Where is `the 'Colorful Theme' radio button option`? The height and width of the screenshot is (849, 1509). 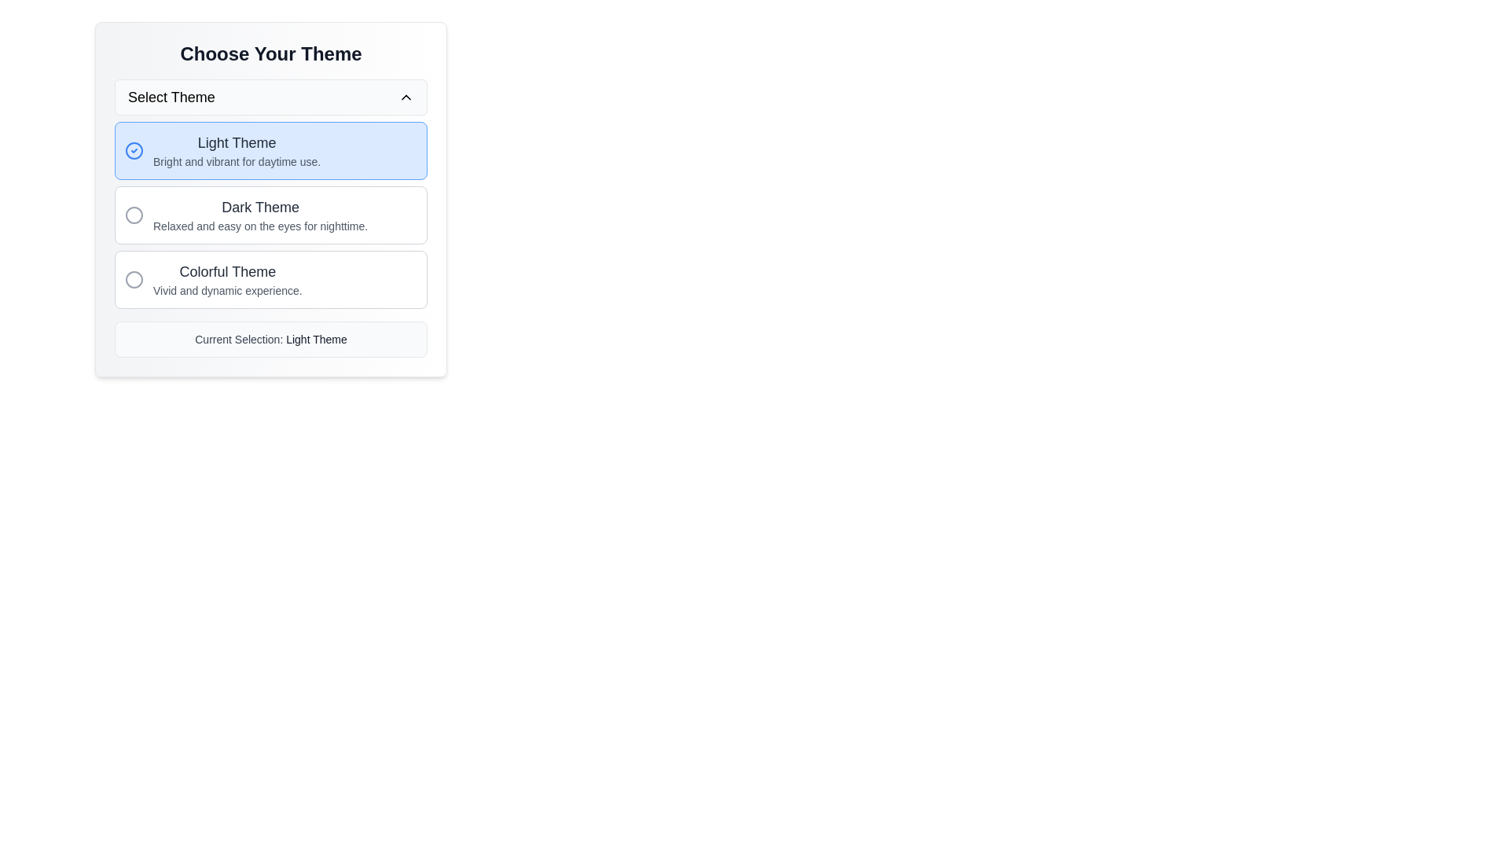
the 'Colorful Theme' radio button option is located at coordinates (271, 278).